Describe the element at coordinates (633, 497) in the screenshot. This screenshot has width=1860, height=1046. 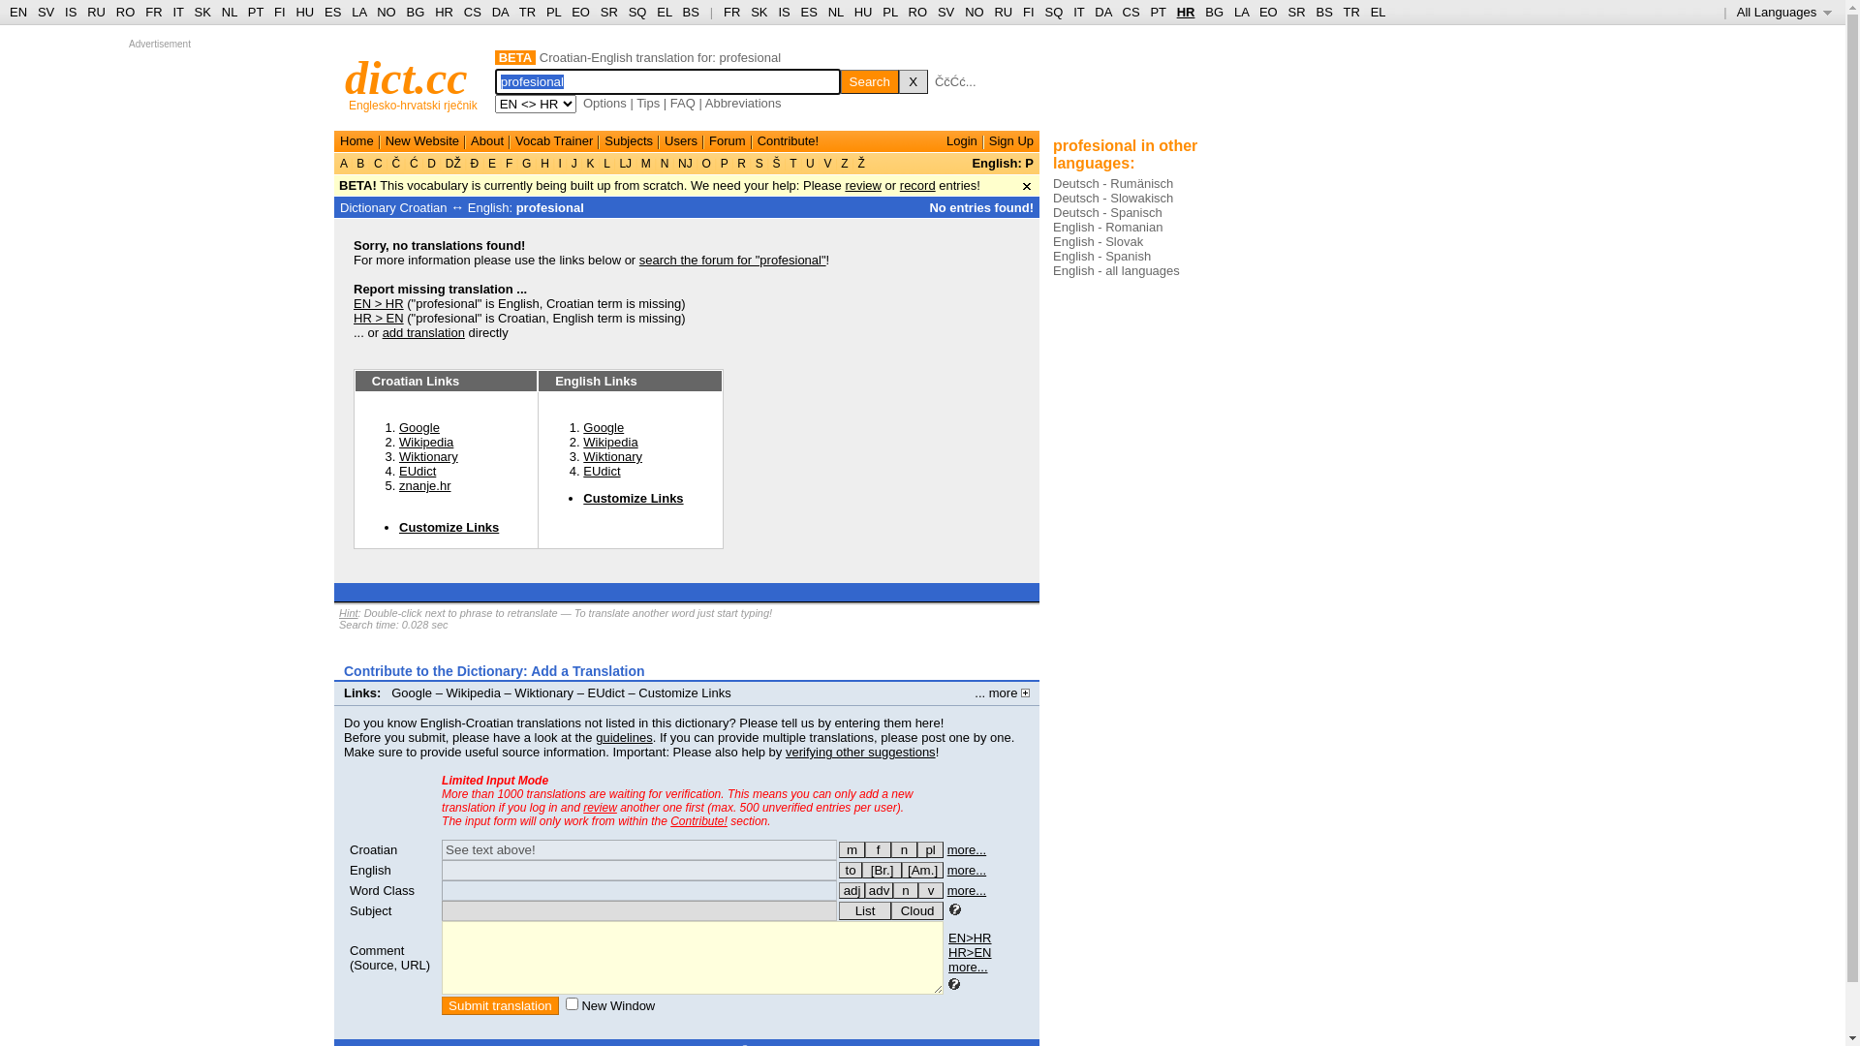
I see `'Customize Links'` at that location.